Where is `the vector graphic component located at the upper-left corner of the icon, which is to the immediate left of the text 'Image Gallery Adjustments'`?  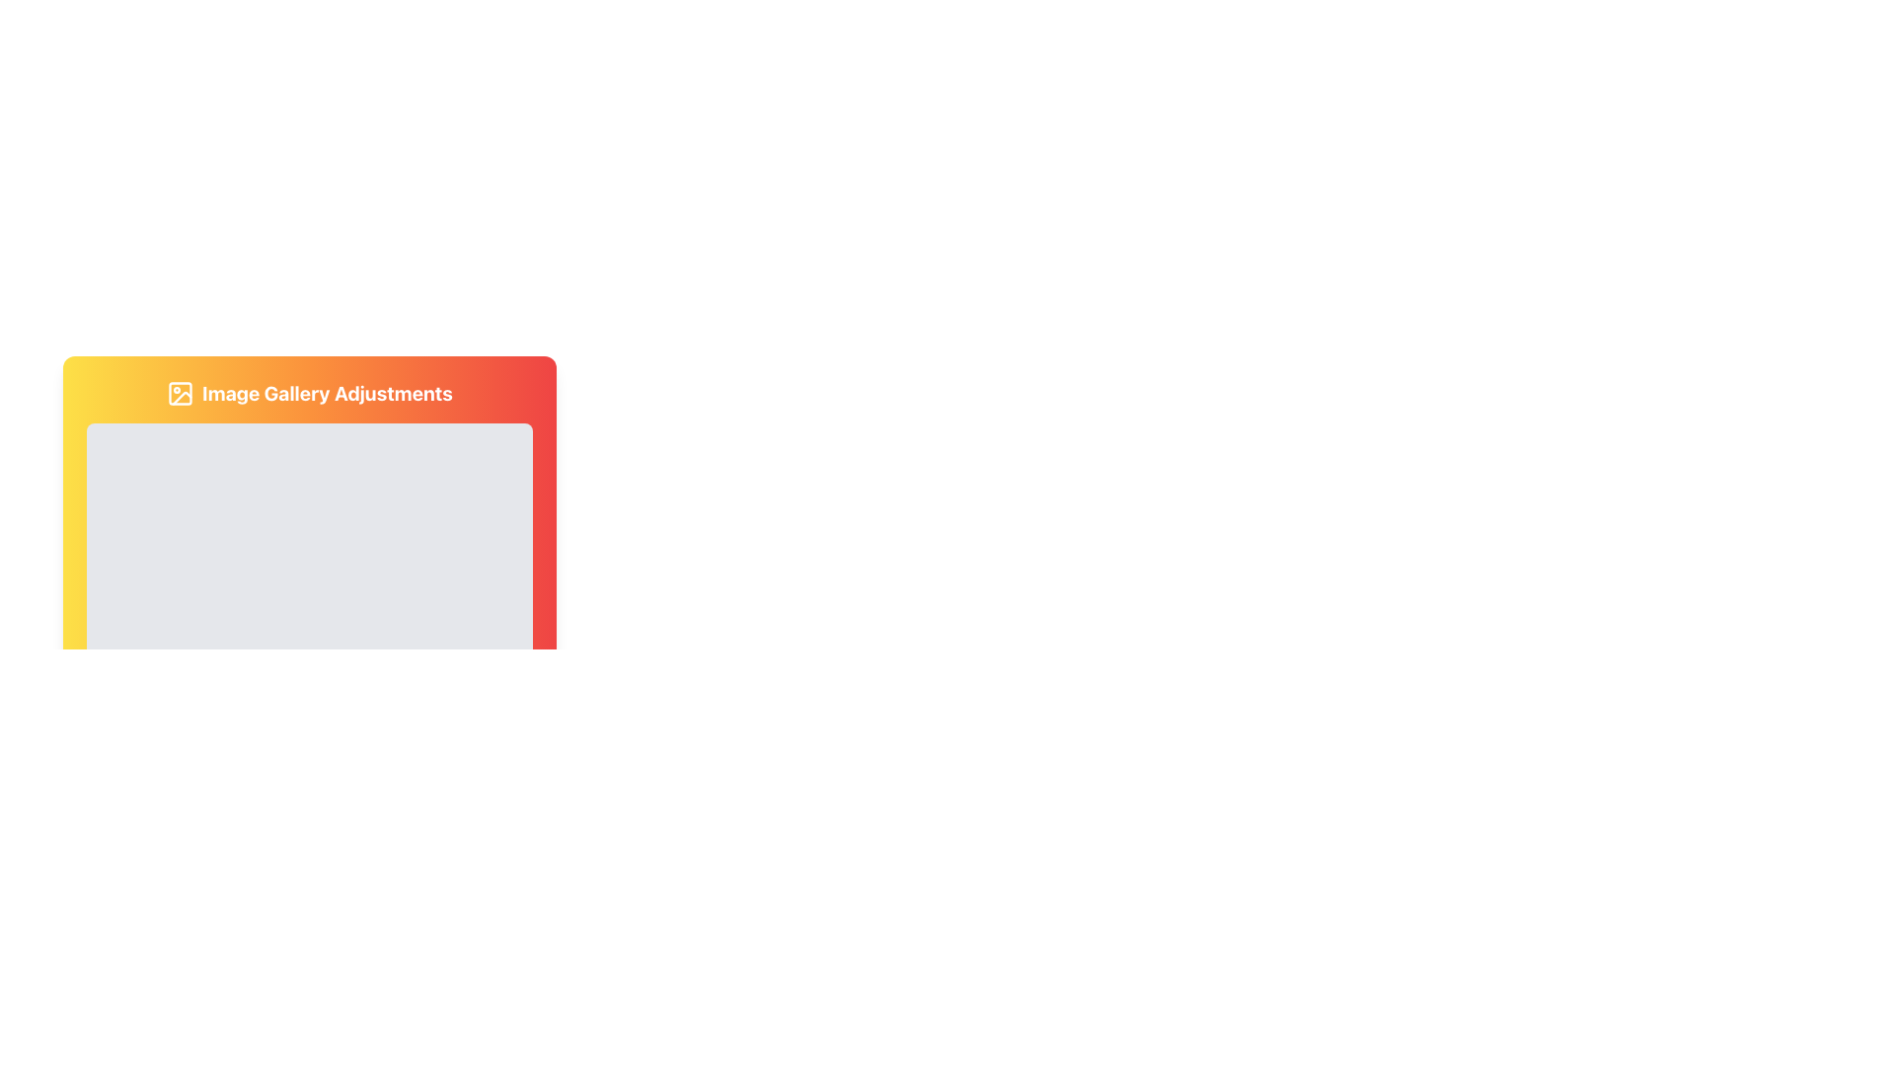
the vector graphic component located at the upper-left corner of the icon, which is to the immediate left of the text 'Image Gallery Adjustments' is located at coordinates (181, 393).